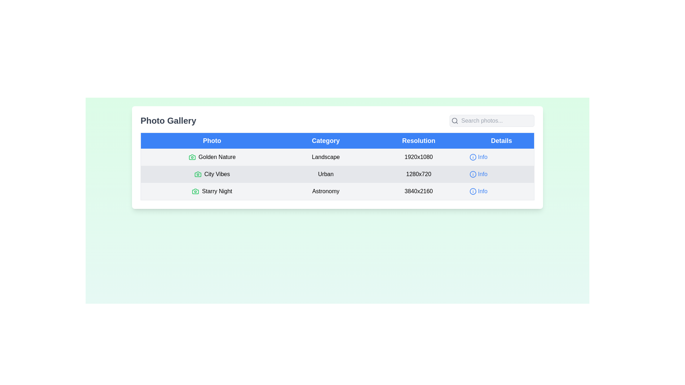 Image resolution: width=685 pixels, height=385 pixels. What do you see at coordinates (478, 174) in the screenshot?
I see `the 'Info' interactive link with icon and text in the 'Details' column of the middle row, aligned with the 'City Vibes' entry` at bounding box center [478, 174].